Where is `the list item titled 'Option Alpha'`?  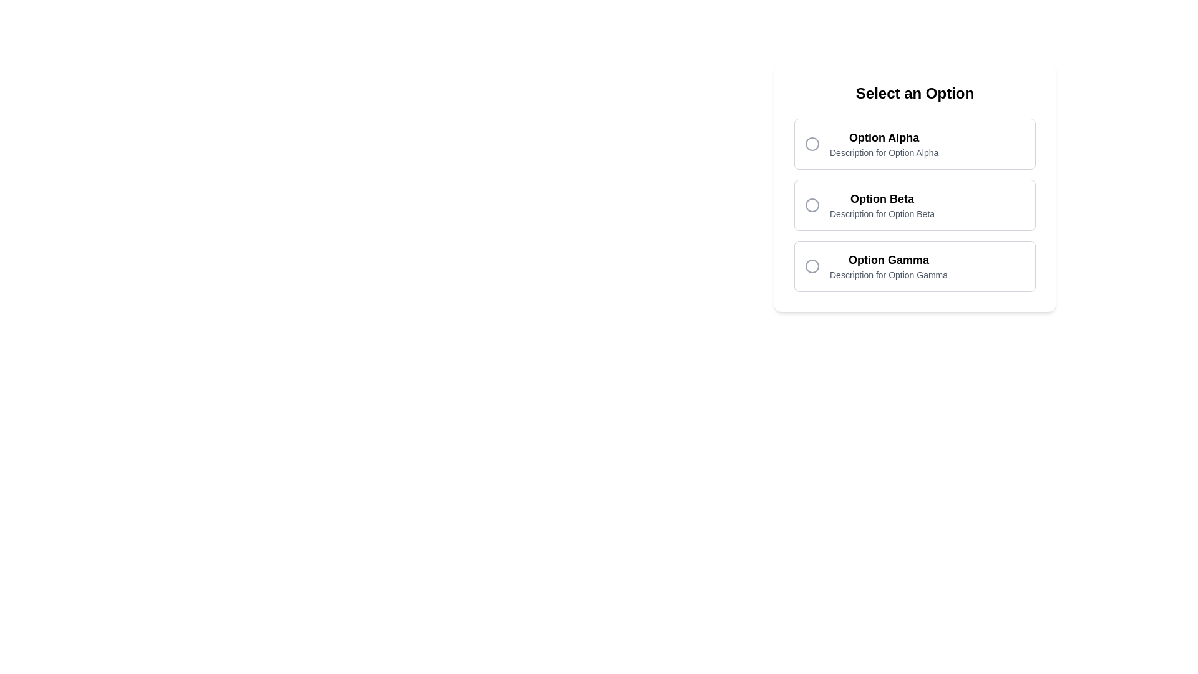 the list item titled 'Option Alpha' is located at coordinates (883, 144).